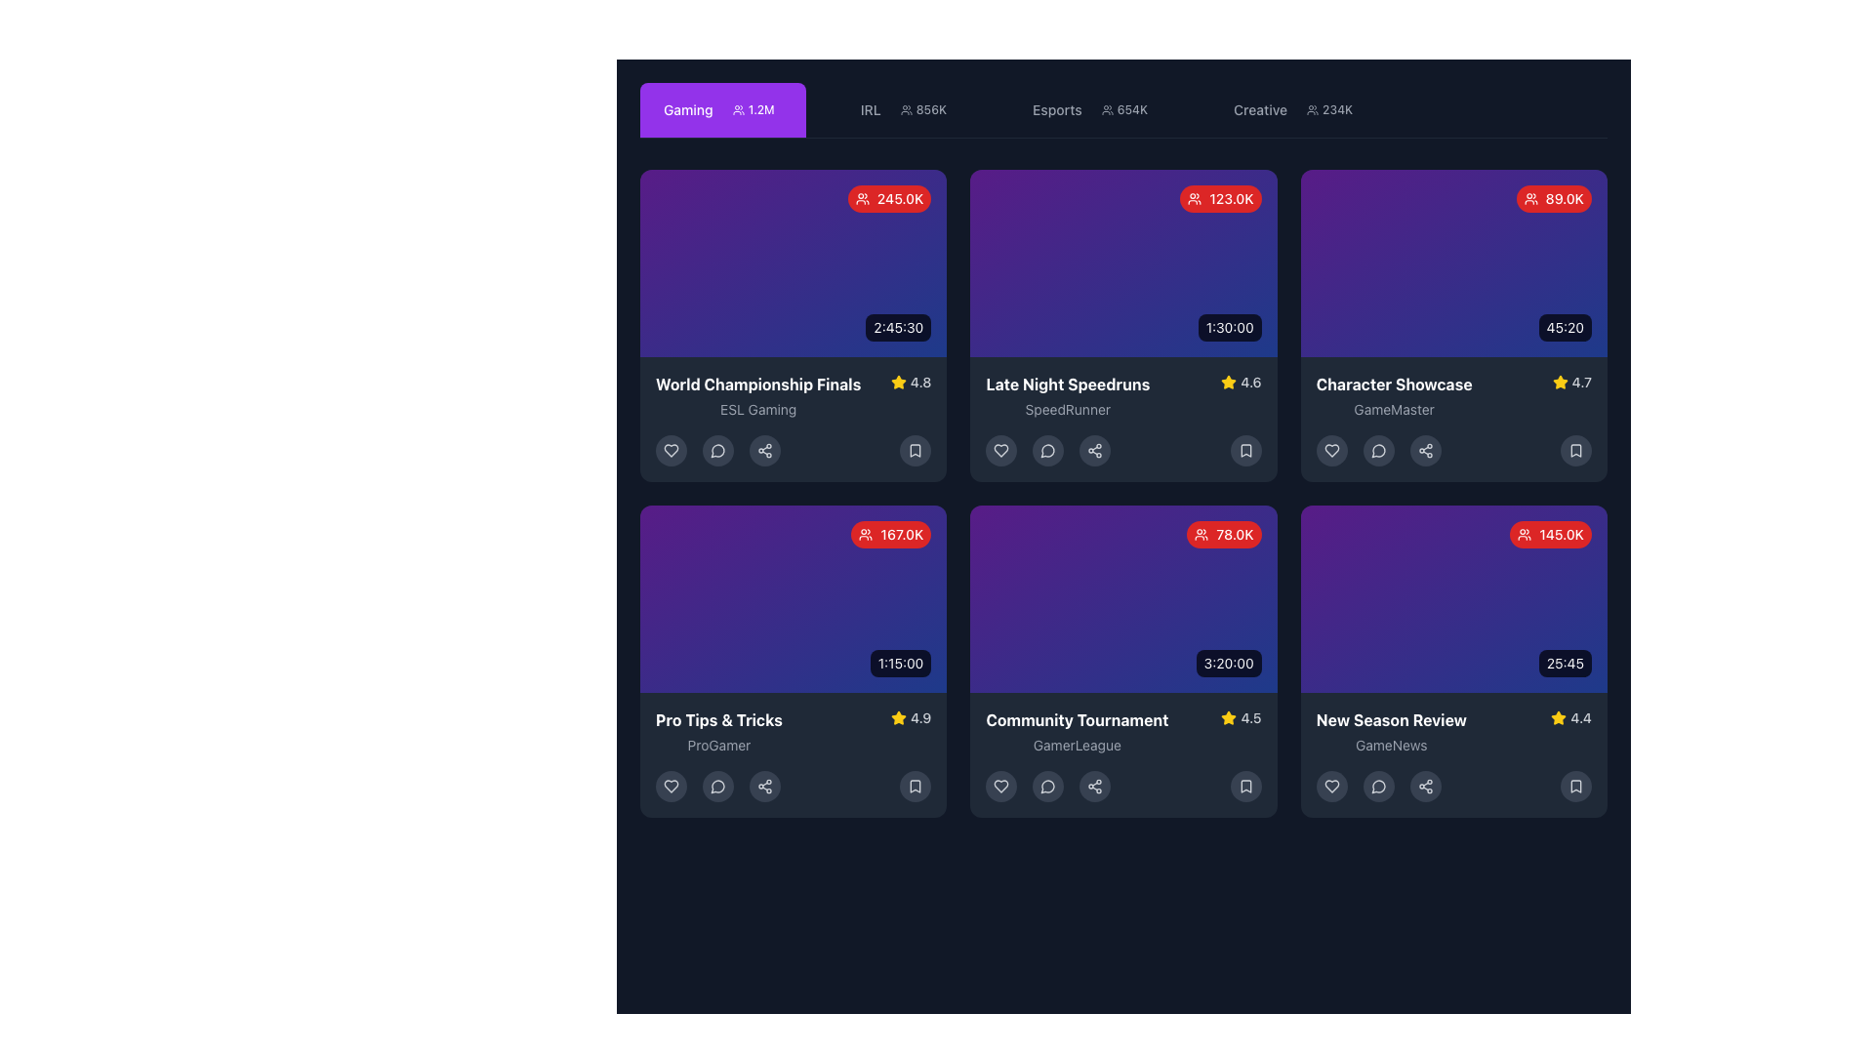  What do you see at coordinates (1123, 263) in the screenshot?
I see `audience count displayed in the preview area of the 'Late Night Speedruns' card, which is located in the top row, second column of the grid layout` at bounding box center [1123, 263].